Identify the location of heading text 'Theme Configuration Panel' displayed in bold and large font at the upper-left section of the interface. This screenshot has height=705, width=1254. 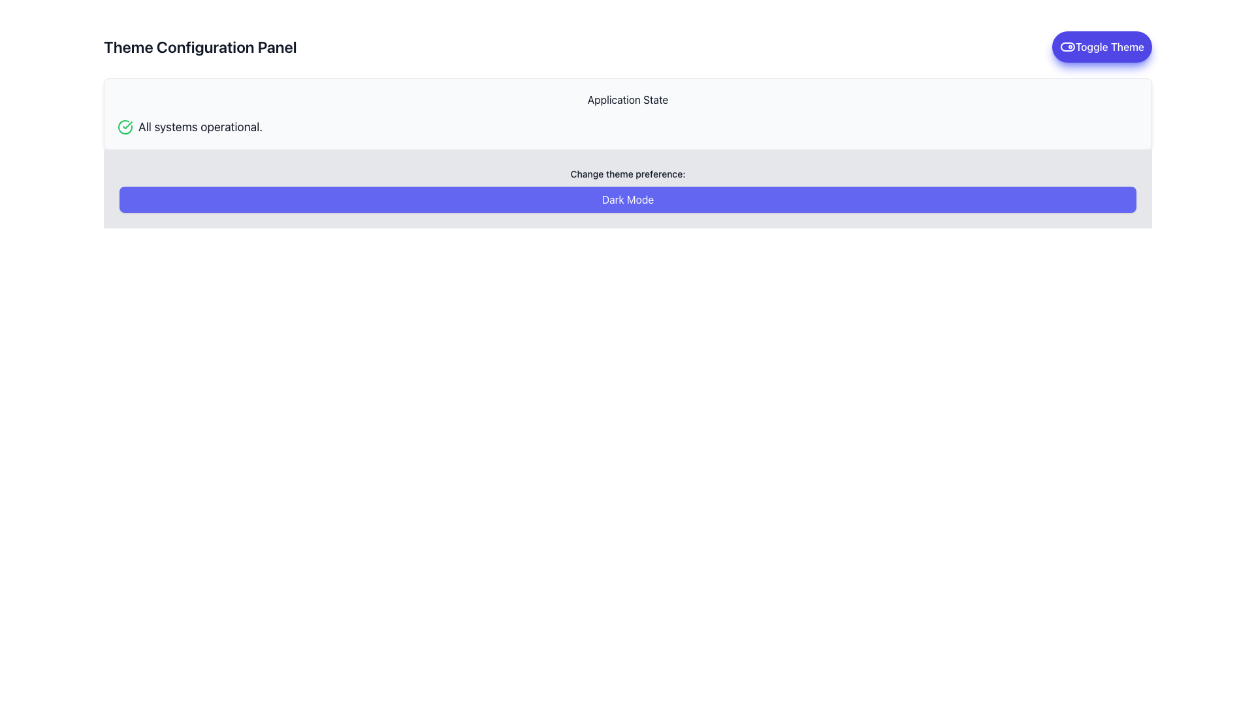
(199, 46).